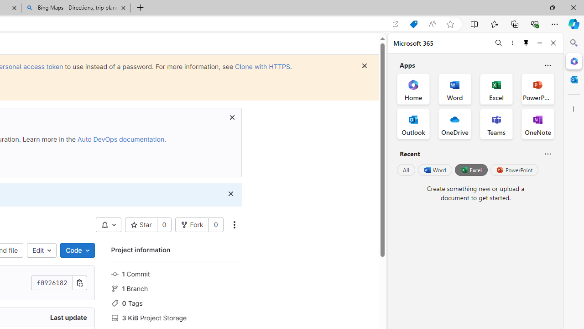 The image size is (584, 329). What do you see at coordinates (471, 170) in the screenshot?
I see `'Excel'` at bounding box center [471, 170].